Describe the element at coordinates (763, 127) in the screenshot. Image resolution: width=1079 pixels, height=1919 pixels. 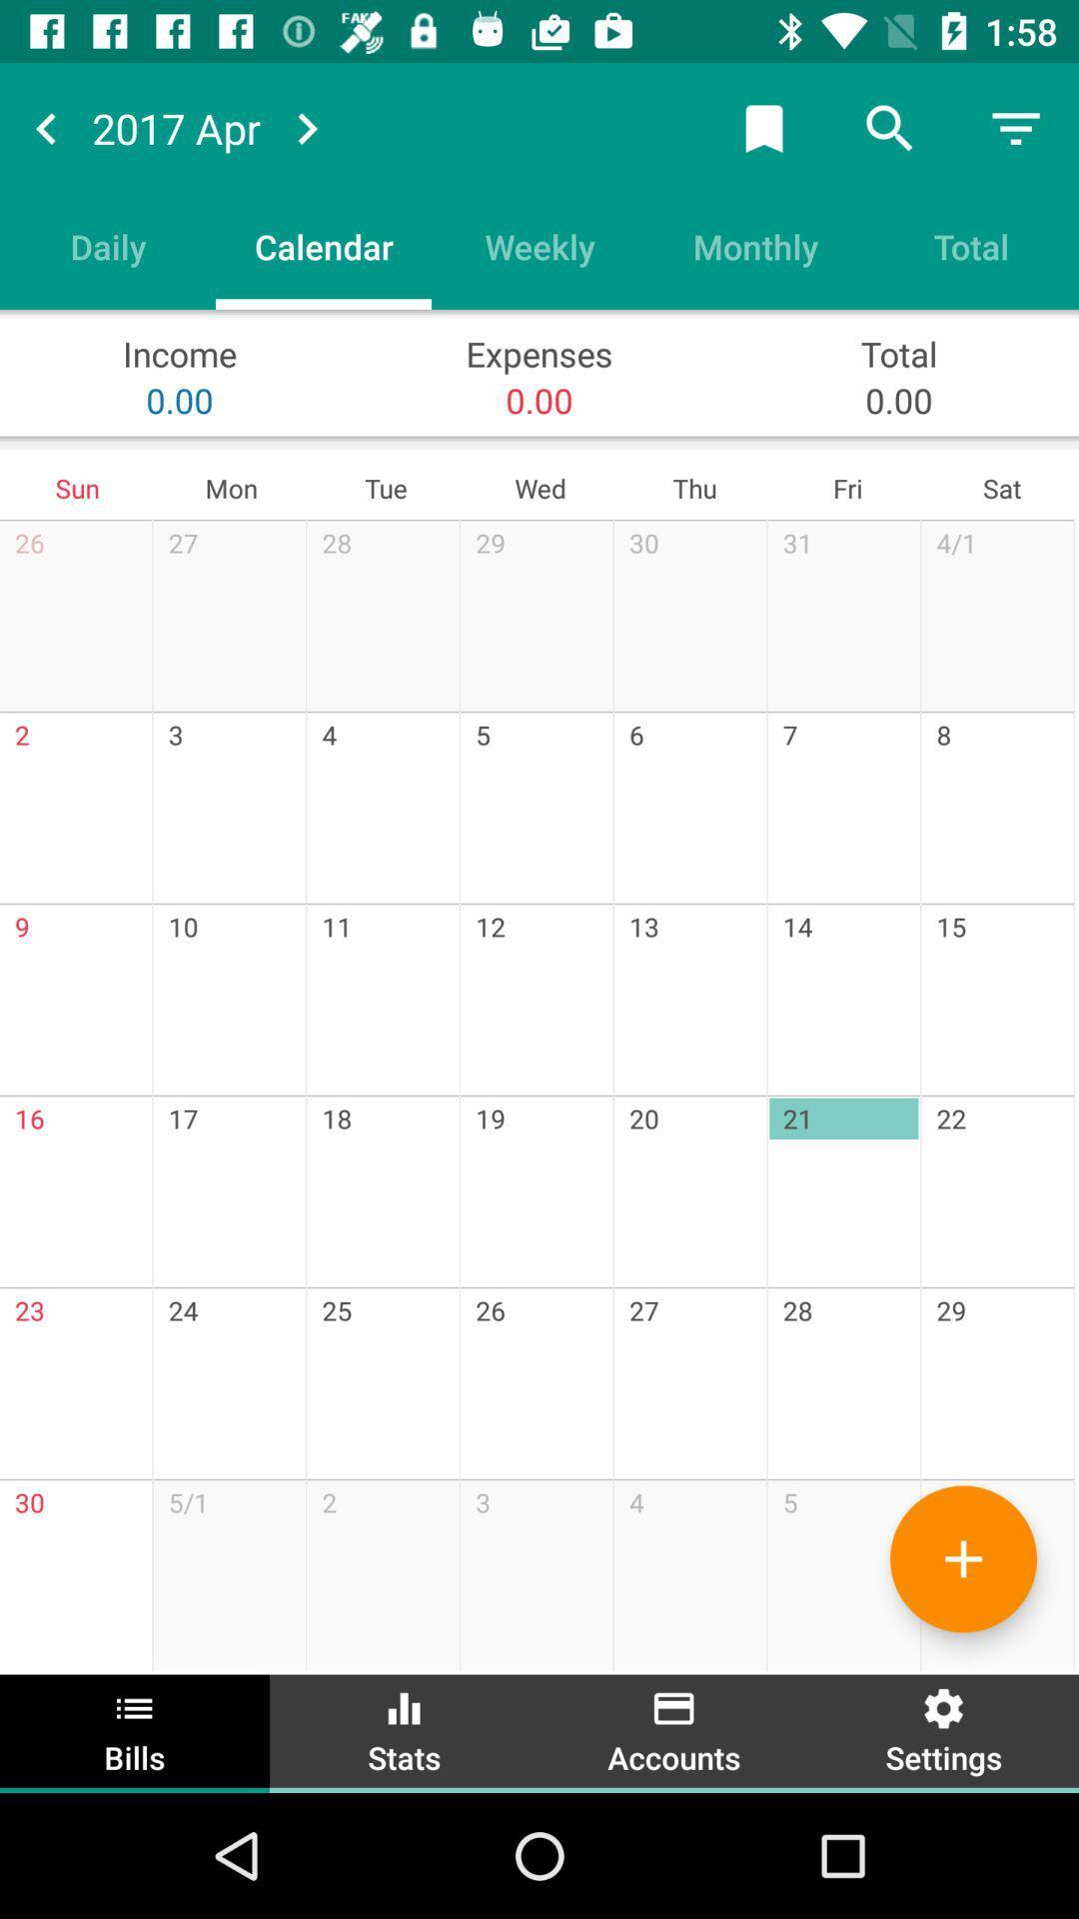
I see `put a savemark` at that location.